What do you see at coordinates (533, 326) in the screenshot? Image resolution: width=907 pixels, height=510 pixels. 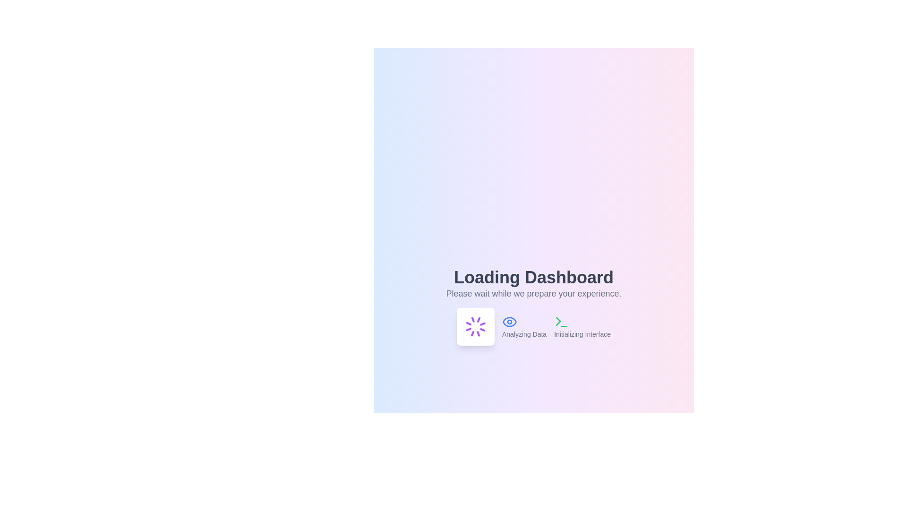 I see `the status reporting area that displays 'Analyzing Data' and 'Initializing Interface' with accompanying icons, located centrally below the 'Loading Dashboard' header` at bounding box center [533, 326].